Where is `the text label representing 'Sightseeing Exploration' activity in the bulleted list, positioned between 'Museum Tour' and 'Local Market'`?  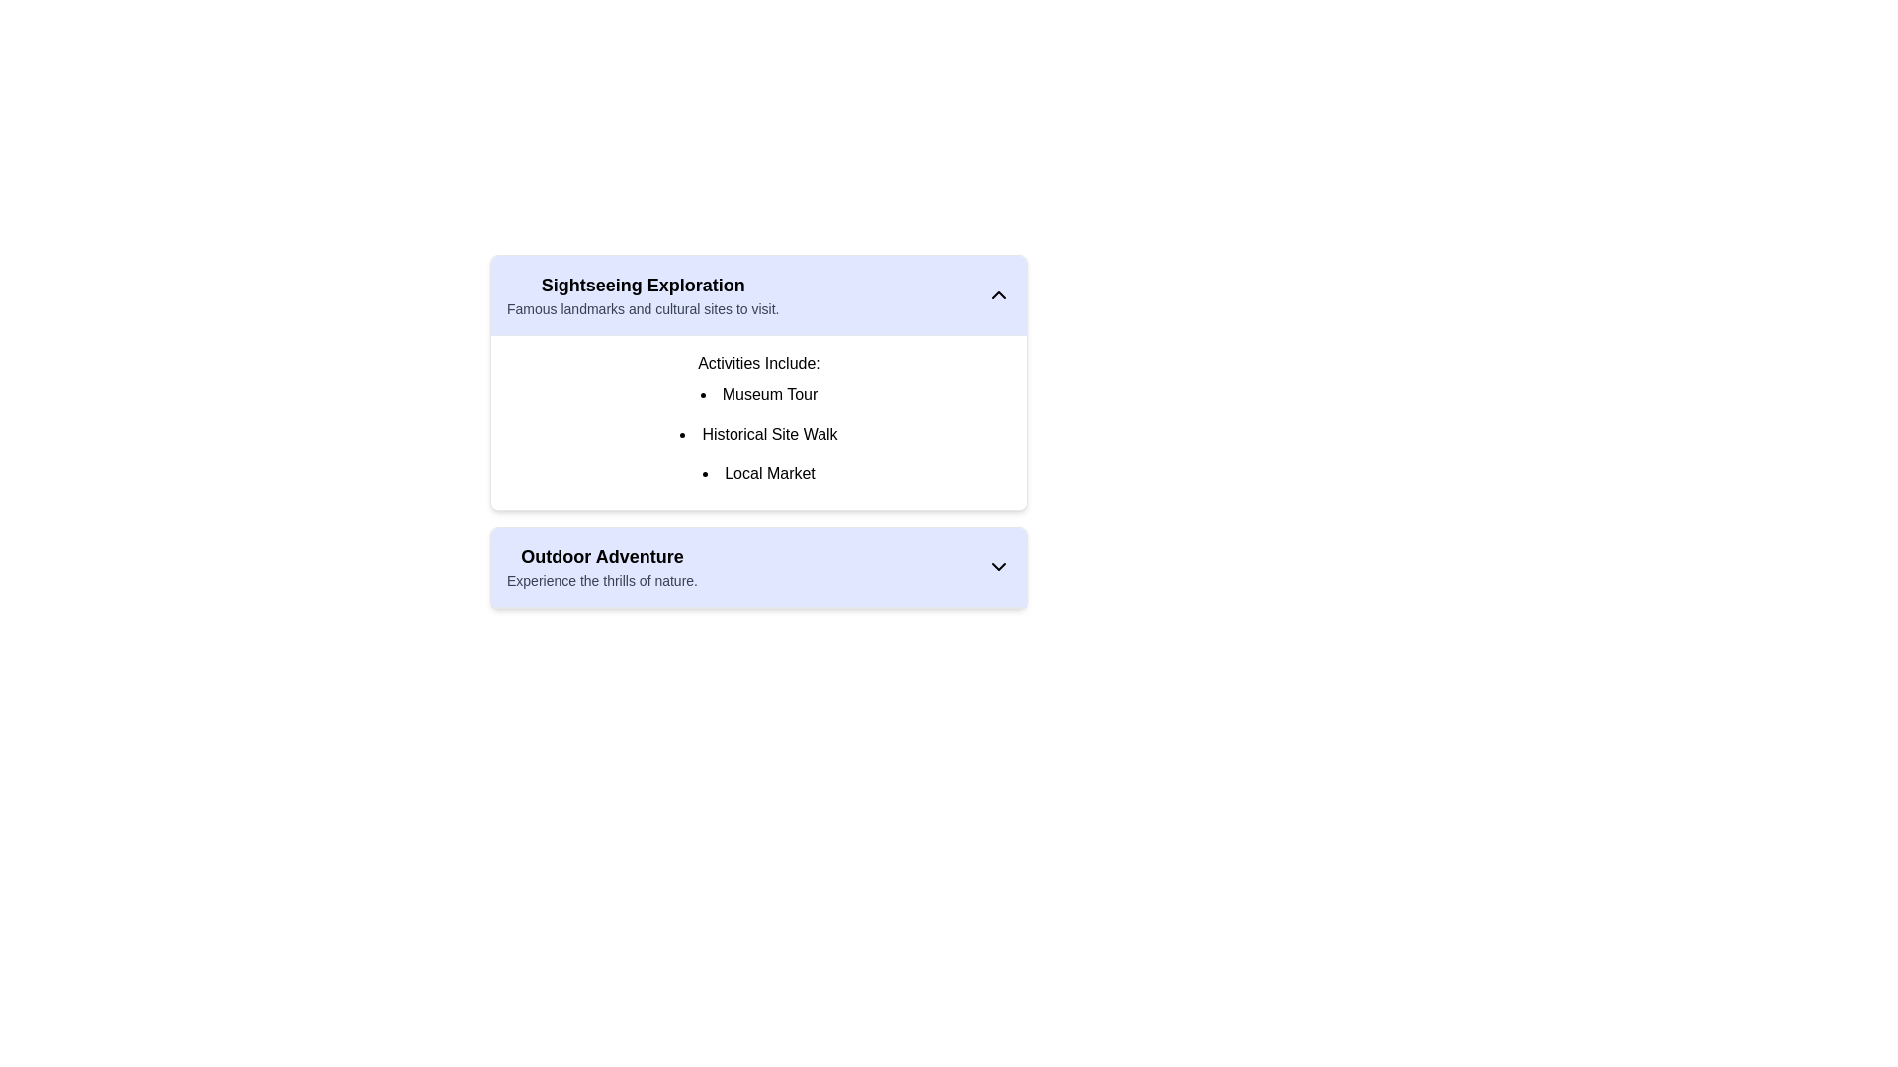
the text label representing 'Sightseeing Exploration' activity in the bulleted list, positioned between 'Museum Tour' and 'Local Market' is located at coordinates (758, 433).